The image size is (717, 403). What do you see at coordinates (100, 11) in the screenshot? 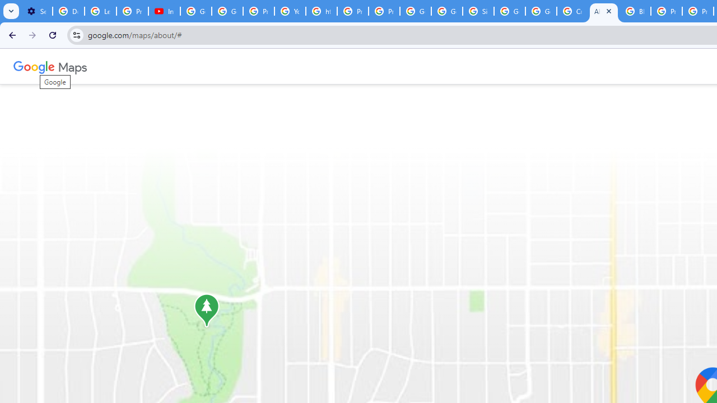
I see `'Learn how to find your photos - Google Photos Help'` at bounding box center [100, 11].